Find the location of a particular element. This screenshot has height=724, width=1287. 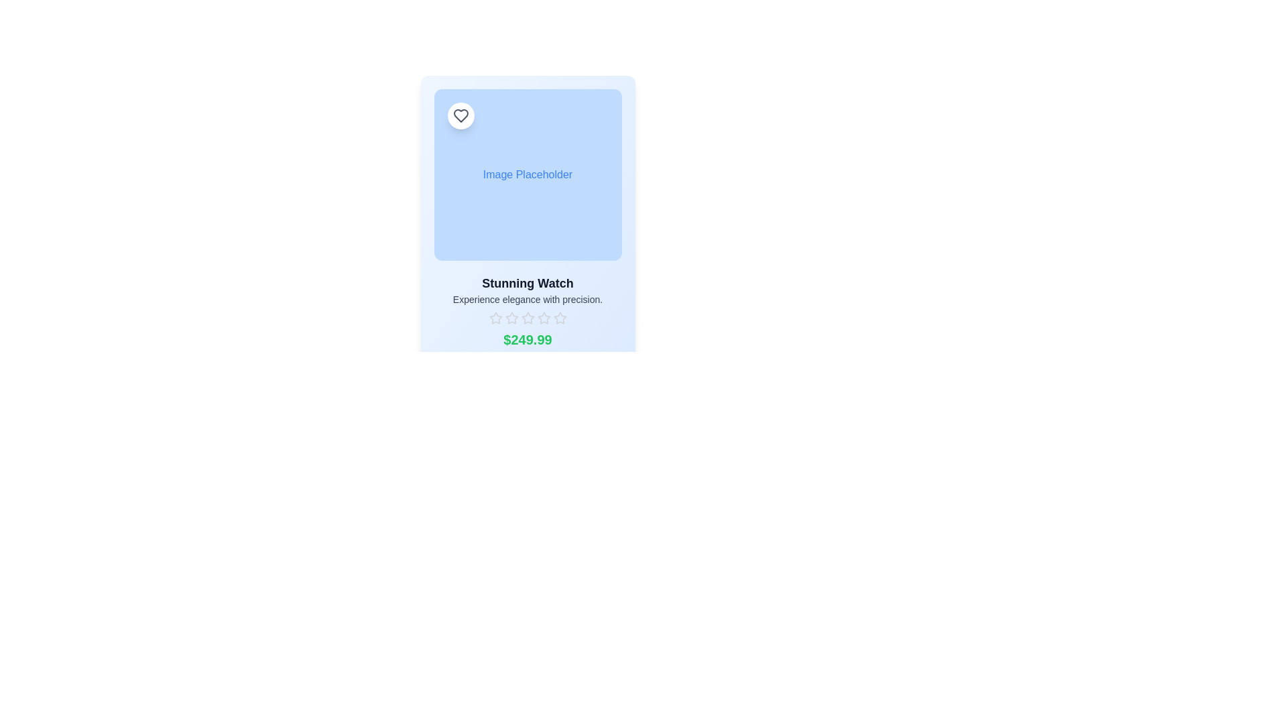

the static text element that provides additional information about the product, located below the title 'Stunning Watch.' is located at coordinates (527, 299).